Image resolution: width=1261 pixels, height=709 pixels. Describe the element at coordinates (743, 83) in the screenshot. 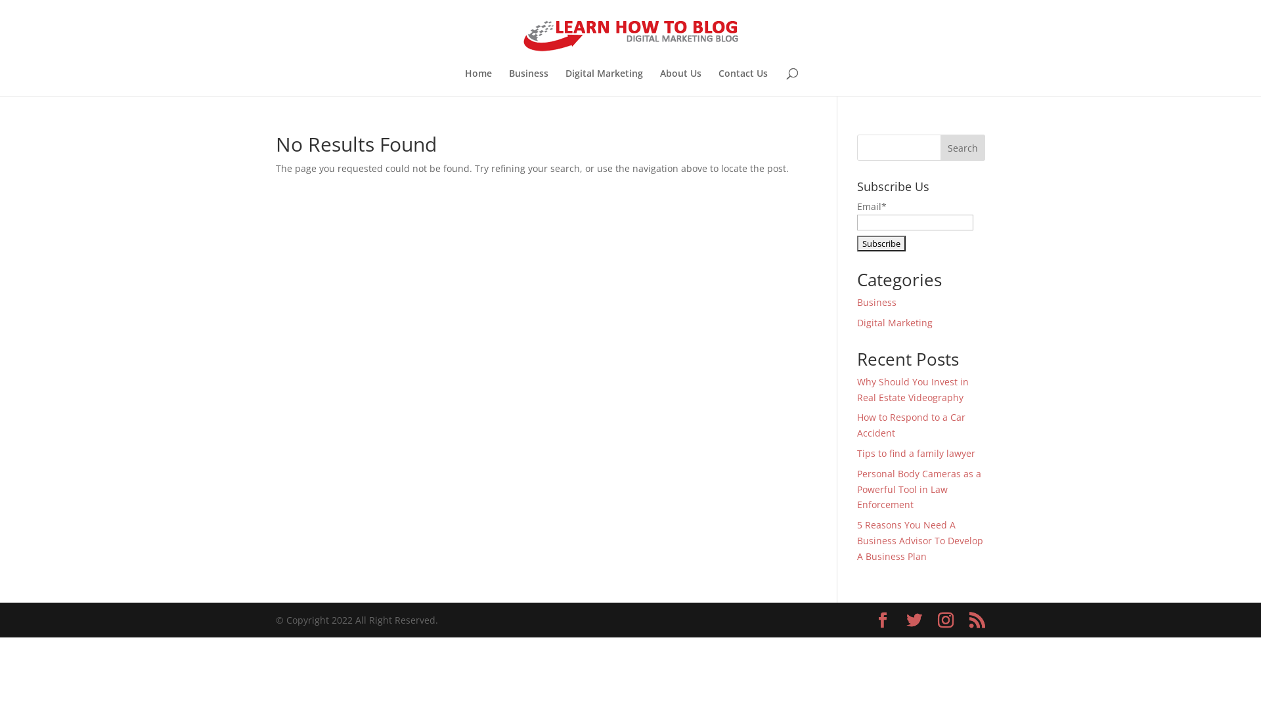

I see `'Contact Us'` at that location.